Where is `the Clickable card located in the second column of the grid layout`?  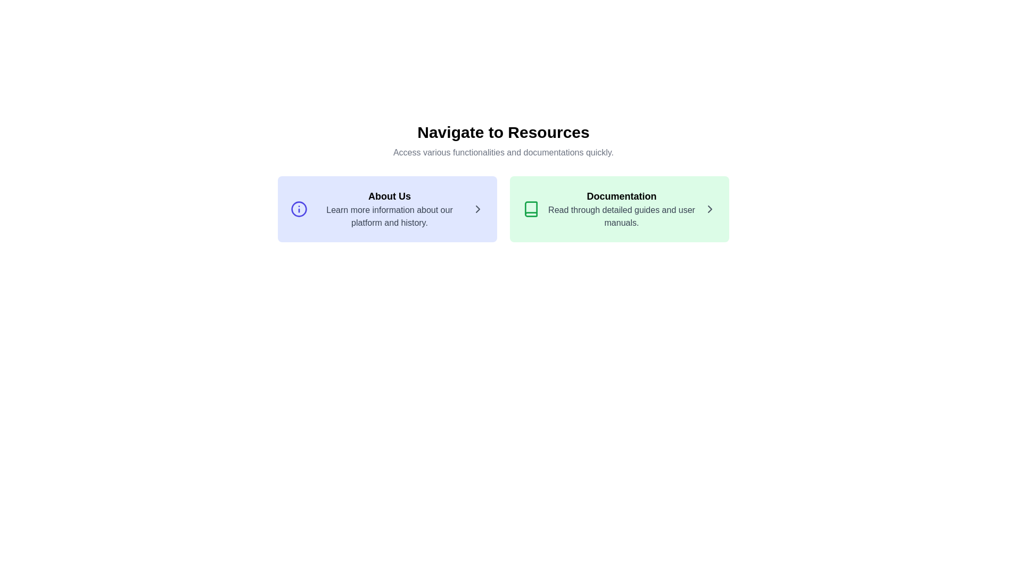 the Clickable card located in the second column of the grid layout is located at coordinates (619, 209).